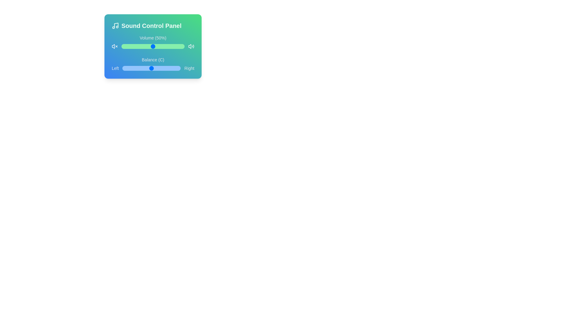 Image resolution: width=583 pixels, height=328 pixels. Describe the element at coordinates (129, 68) in the screenshot. I see `the balance` at that location.